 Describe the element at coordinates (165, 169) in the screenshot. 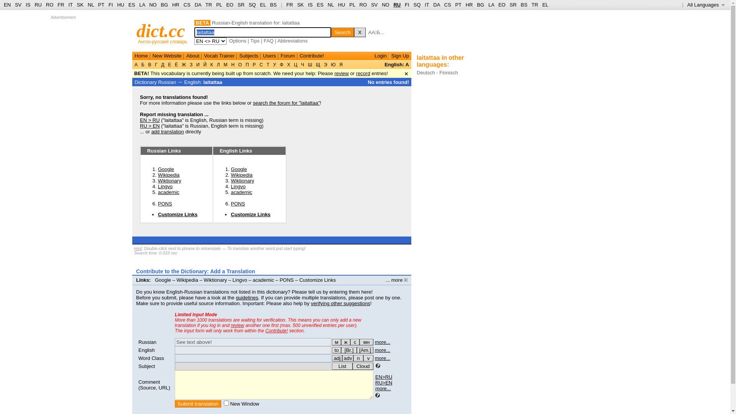

I see `'Google'` at that location.